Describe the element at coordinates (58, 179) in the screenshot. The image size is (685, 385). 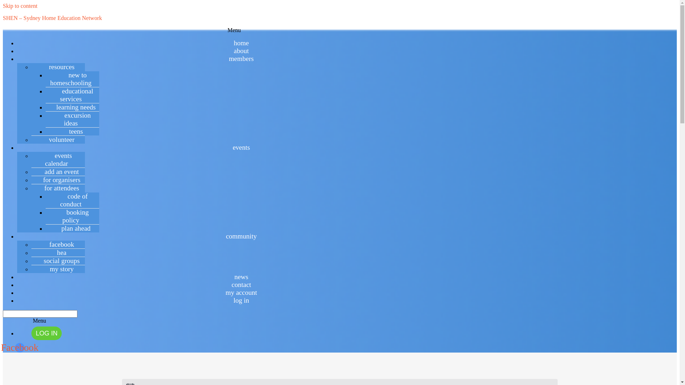
I see `'for organisers'` at that location.